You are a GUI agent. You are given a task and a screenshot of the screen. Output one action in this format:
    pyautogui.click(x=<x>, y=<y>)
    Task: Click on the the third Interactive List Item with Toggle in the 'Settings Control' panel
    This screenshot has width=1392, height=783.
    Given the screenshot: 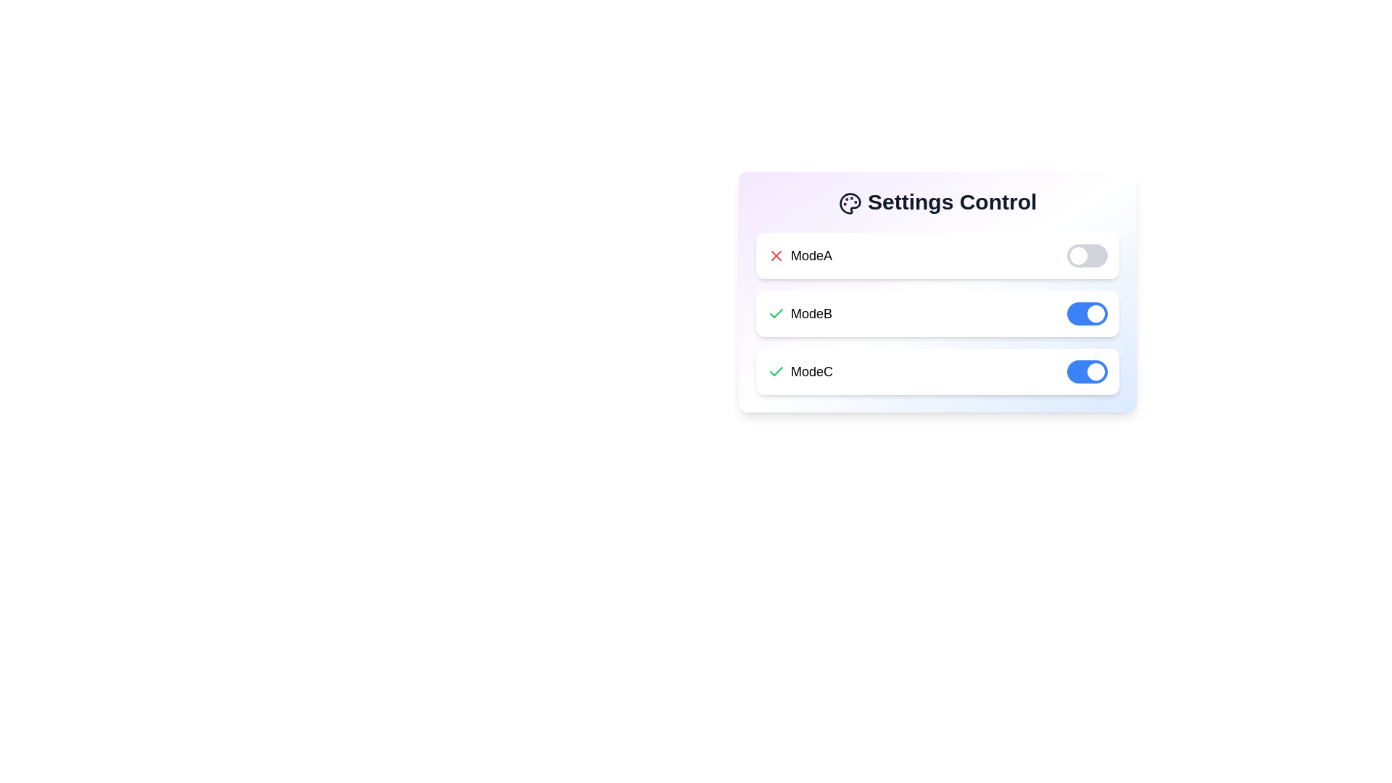 What is the action you would take?
    pyautogui.click(x=937, y=371)
    